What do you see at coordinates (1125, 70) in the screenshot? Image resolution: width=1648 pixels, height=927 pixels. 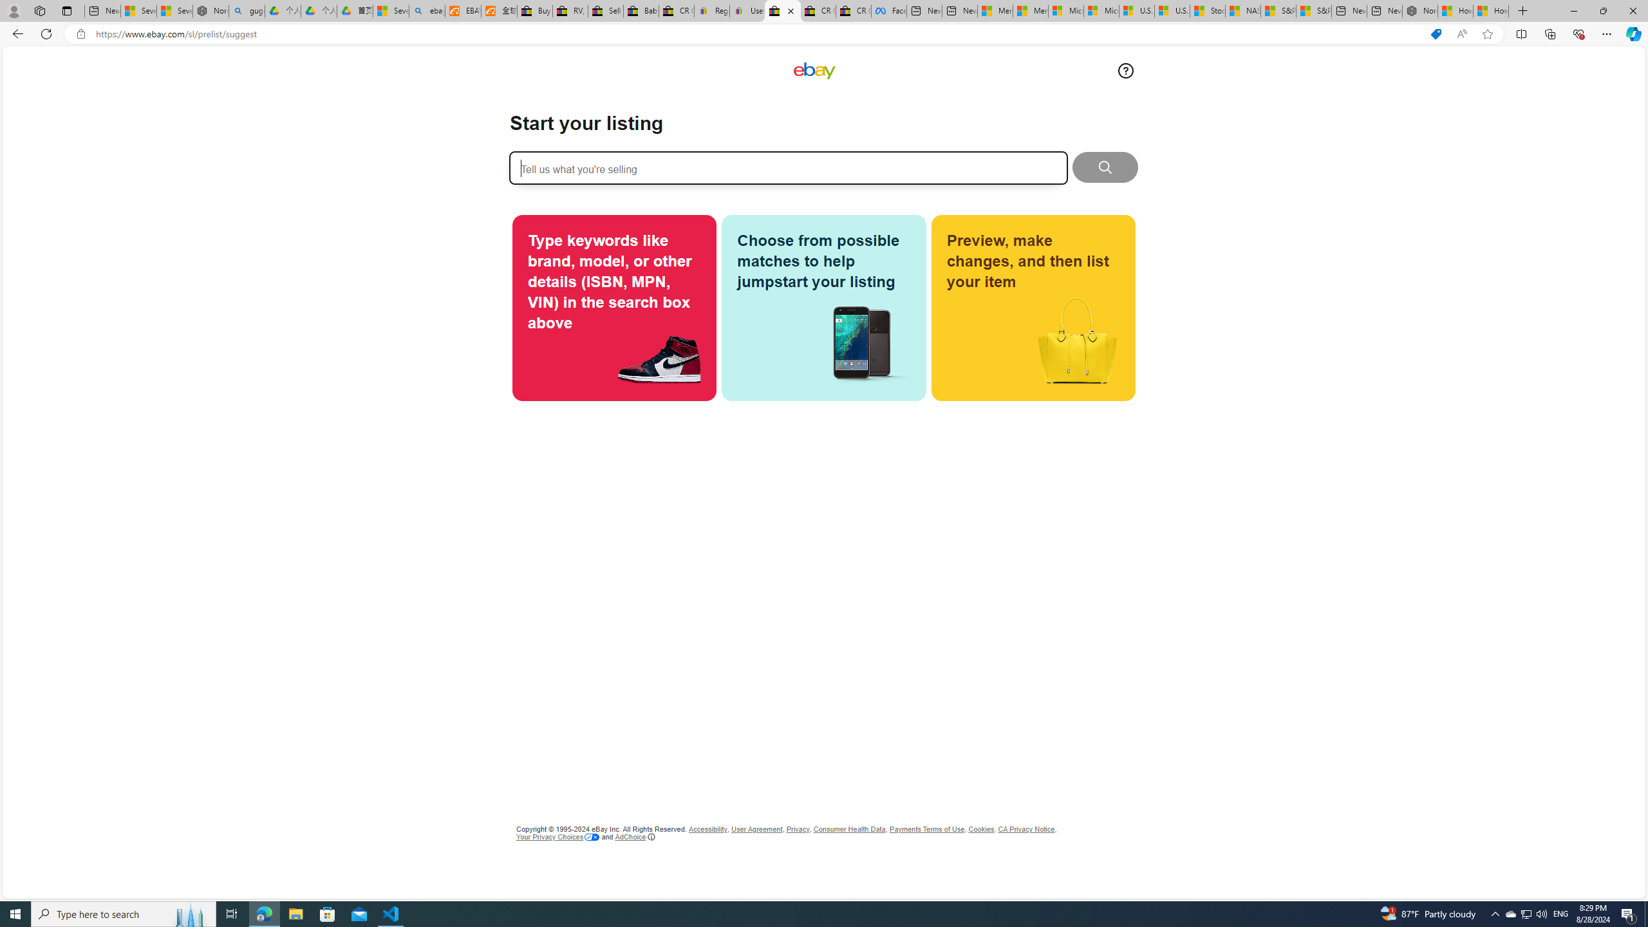 I see `'Comment about your experience on this page.'` at bounding box center [1125, 70].